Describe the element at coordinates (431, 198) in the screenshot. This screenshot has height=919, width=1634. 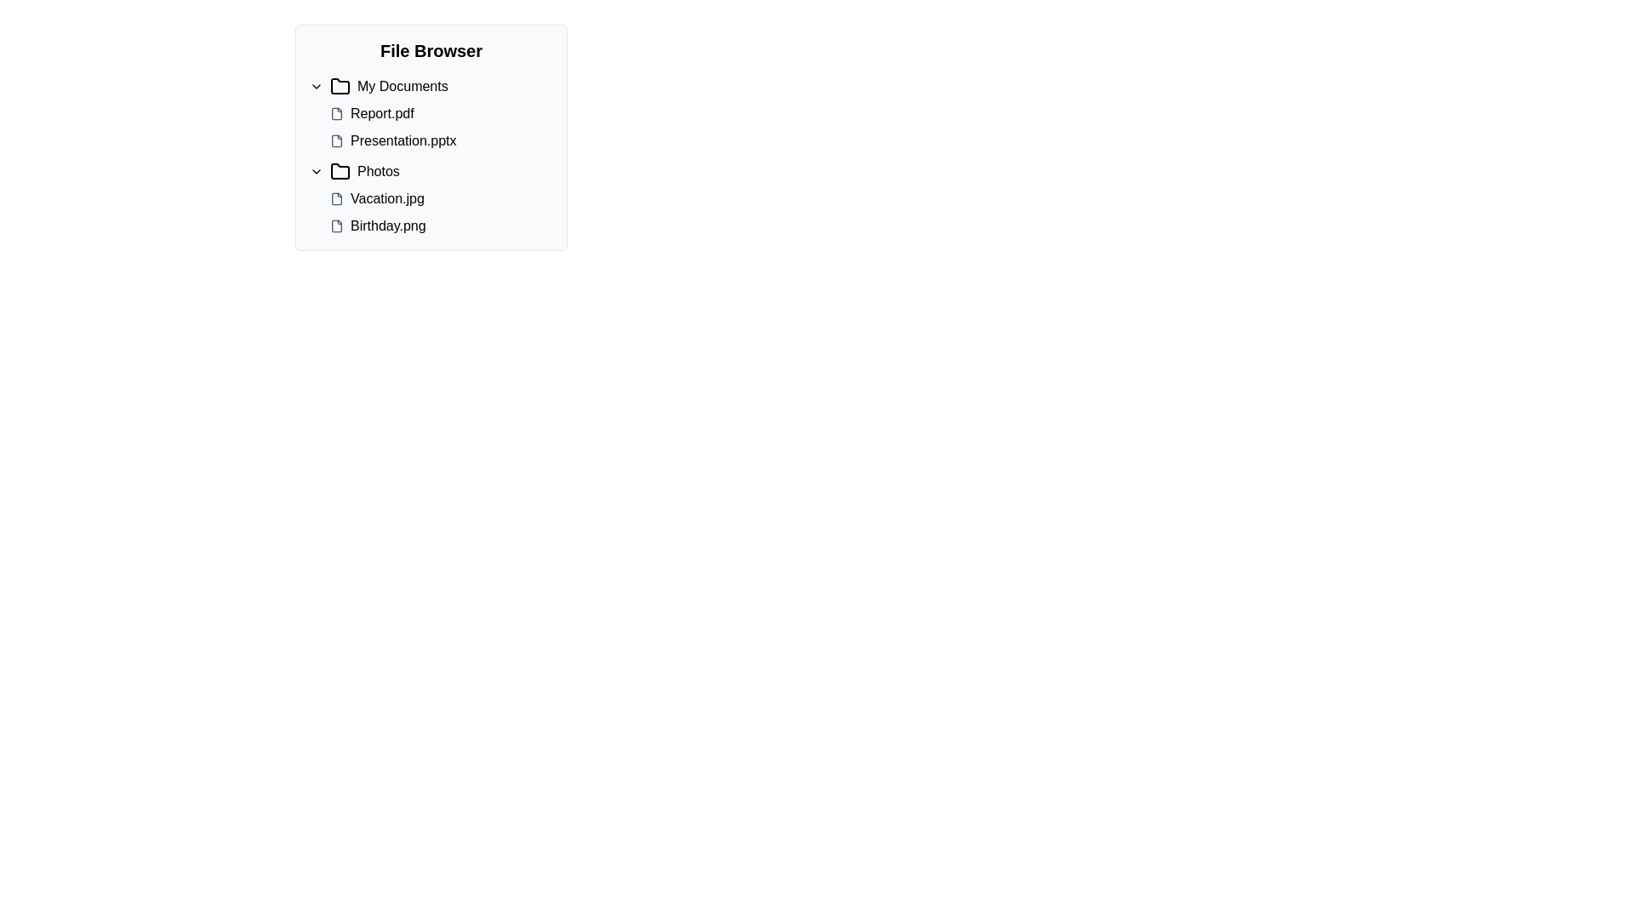
I see `the file names 'Vacation.jpg' and 'Birthday.png' in the 'Photos' folder for preview` at that location.